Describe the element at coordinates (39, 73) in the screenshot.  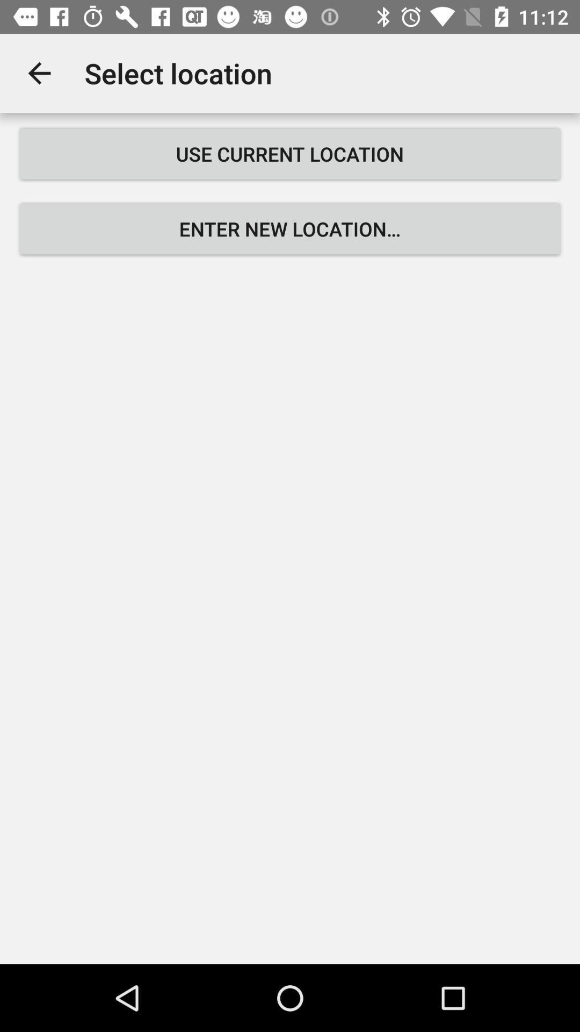
I see `icon above the use current location icon` at that location.